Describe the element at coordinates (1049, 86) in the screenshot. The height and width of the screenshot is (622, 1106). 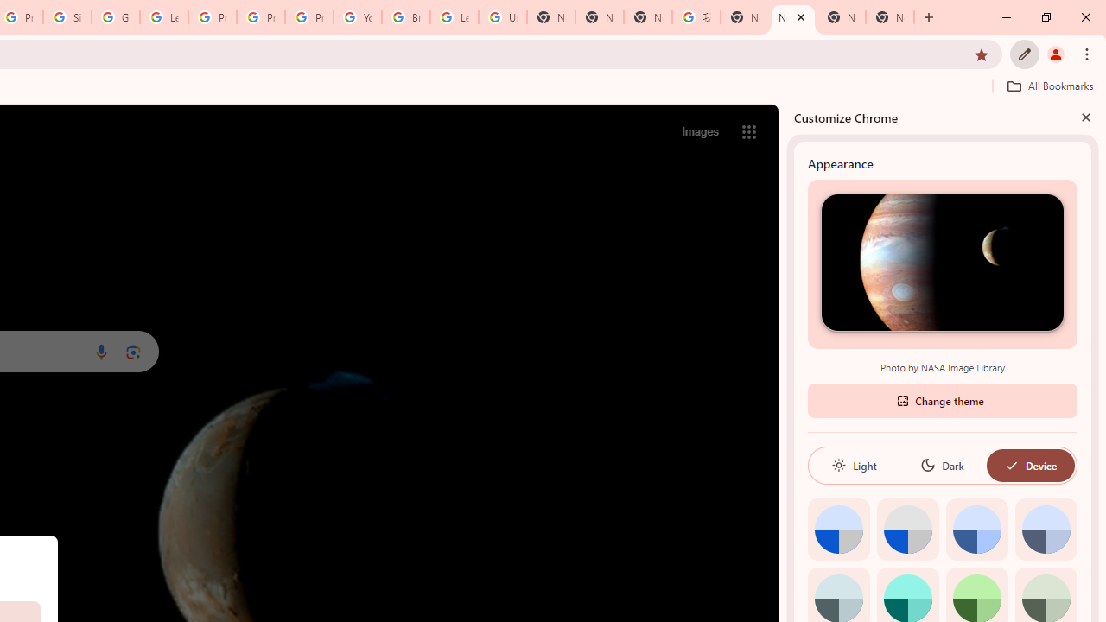
I see `'All Bookmarks'` at that location.